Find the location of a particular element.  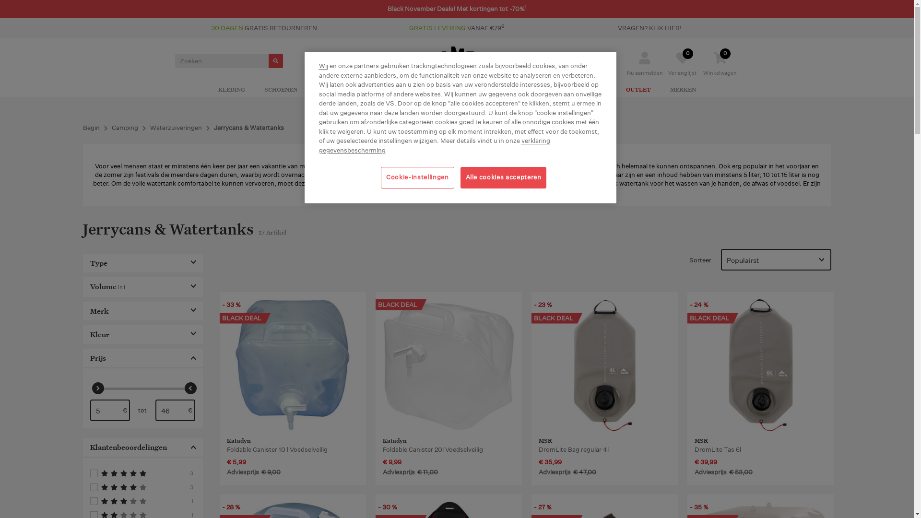

'Waterzuiveringen' is located at coordinates (149, 127).